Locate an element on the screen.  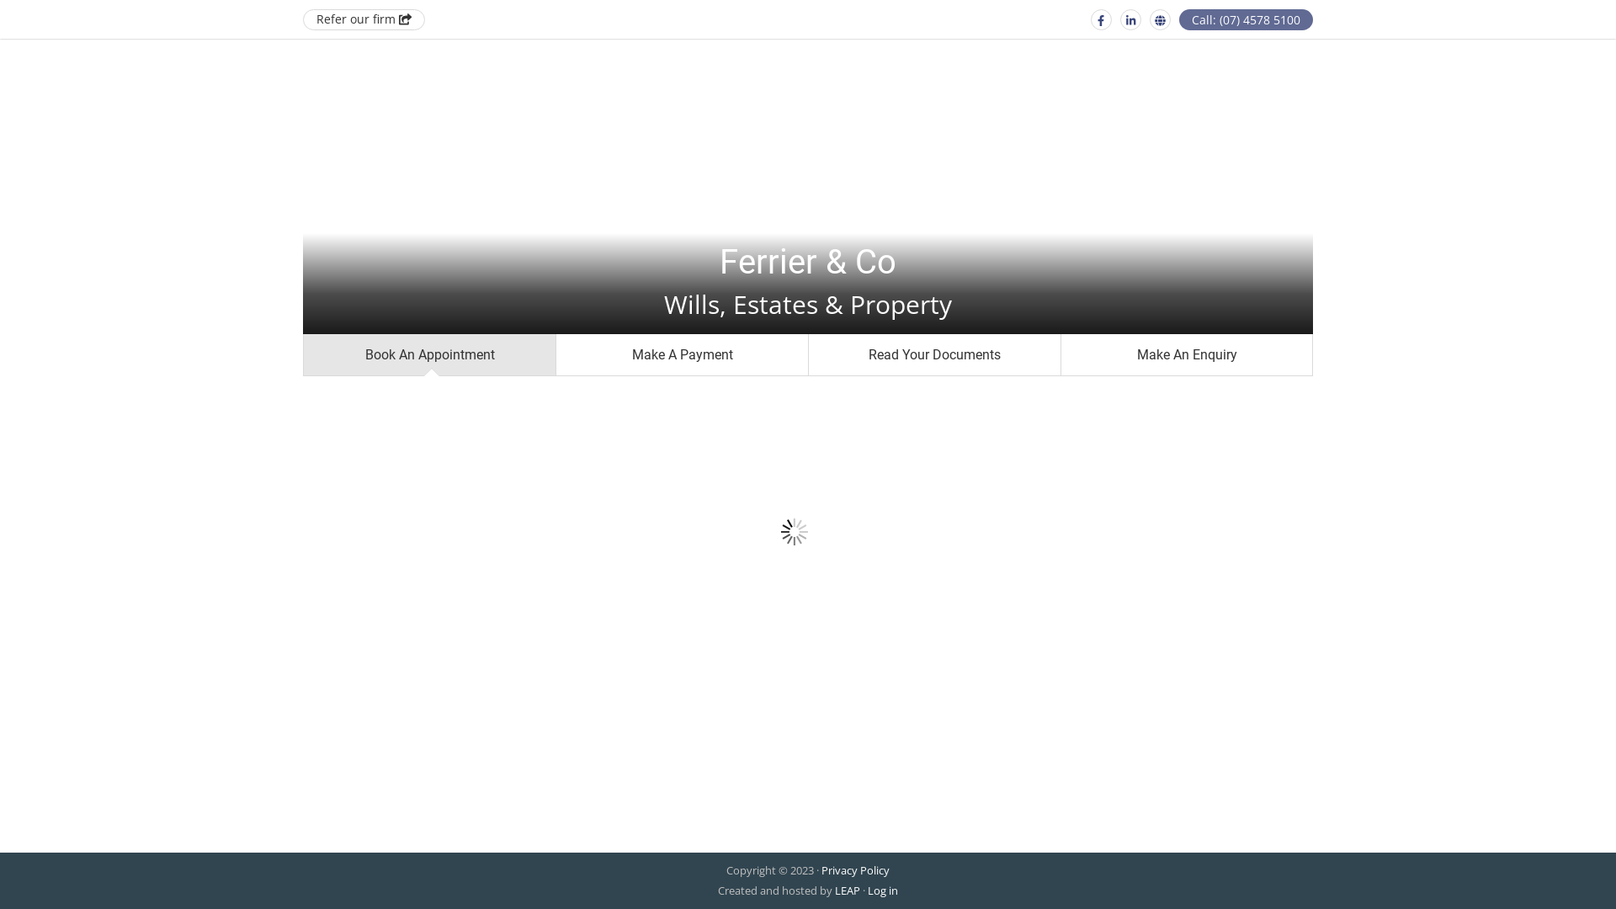
'Call: (07) 4578 5100' is located at coordinates (1246, 19).